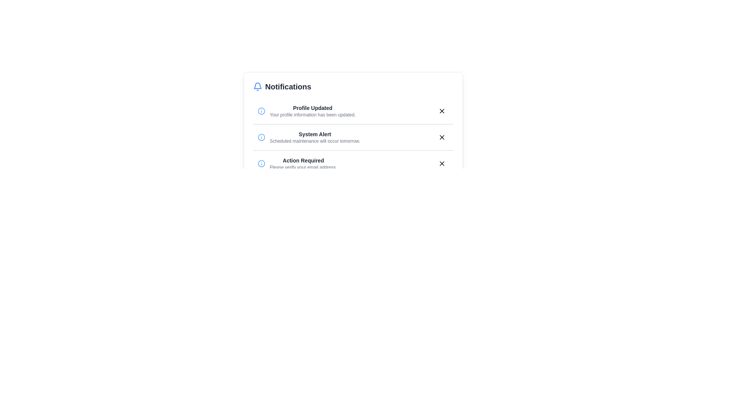 The image size is (731, 411). I want to click on the 'X' icon in the upper-right corner of the 'Profile Updated' notification, so click(442, 111).